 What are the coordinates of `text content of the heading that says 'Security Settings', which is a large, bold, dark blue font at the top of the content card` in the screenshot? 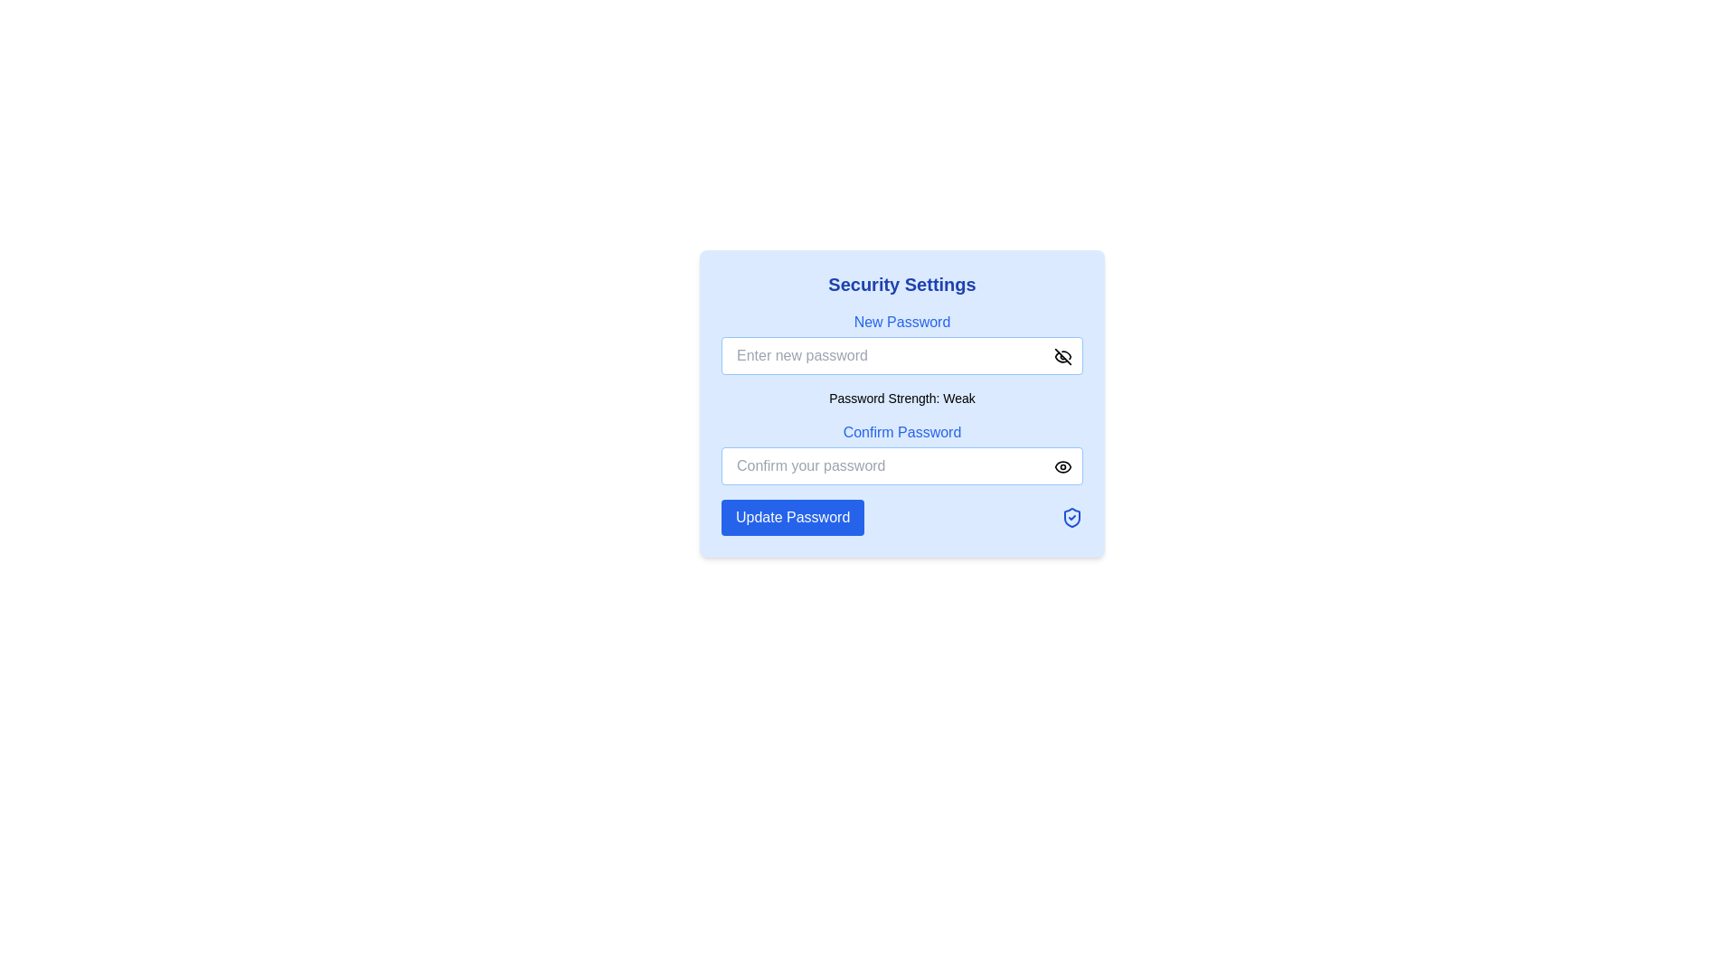 It's located at (902, 285).